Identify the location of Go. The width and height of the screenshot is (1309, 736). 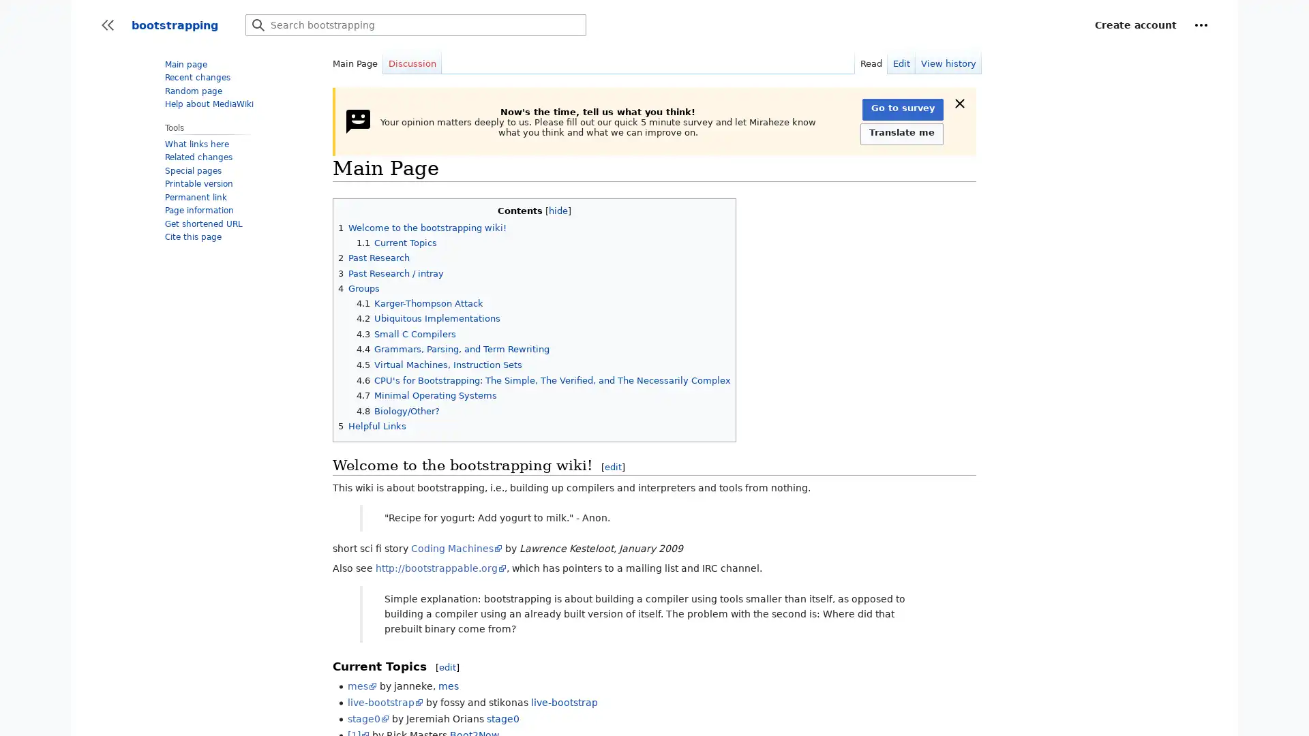
(258, 25).